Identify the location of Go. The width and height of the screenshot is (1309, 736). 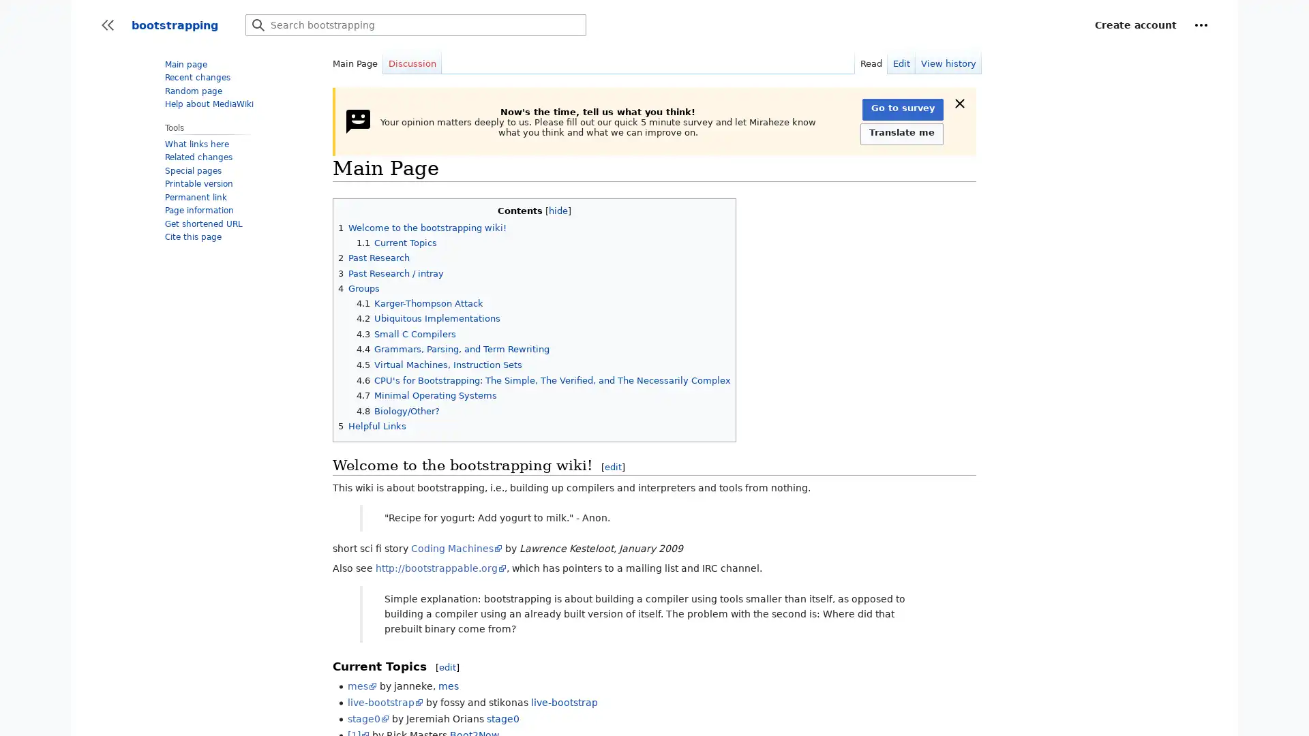
(258, 25).